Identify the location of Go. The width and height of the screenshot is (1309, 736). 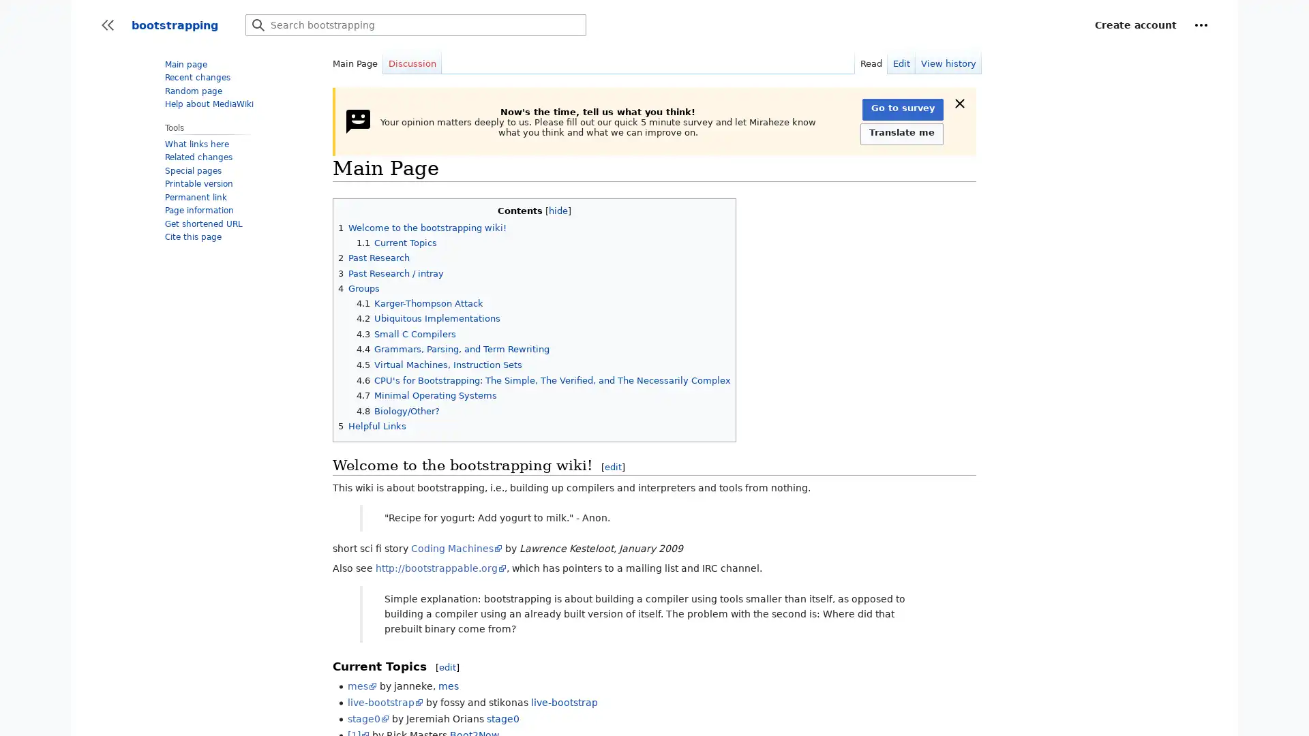
(258, 25).